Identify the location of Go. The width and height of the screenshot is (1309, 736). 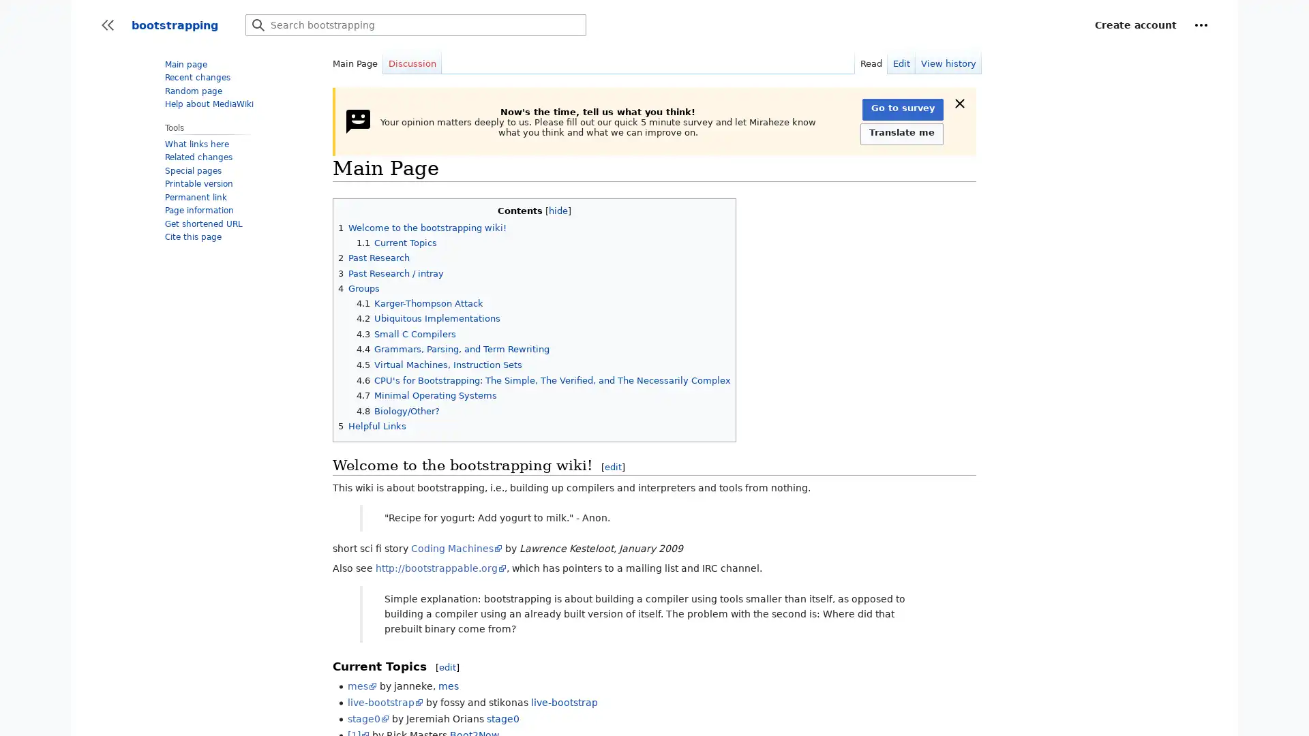
(258, 25).